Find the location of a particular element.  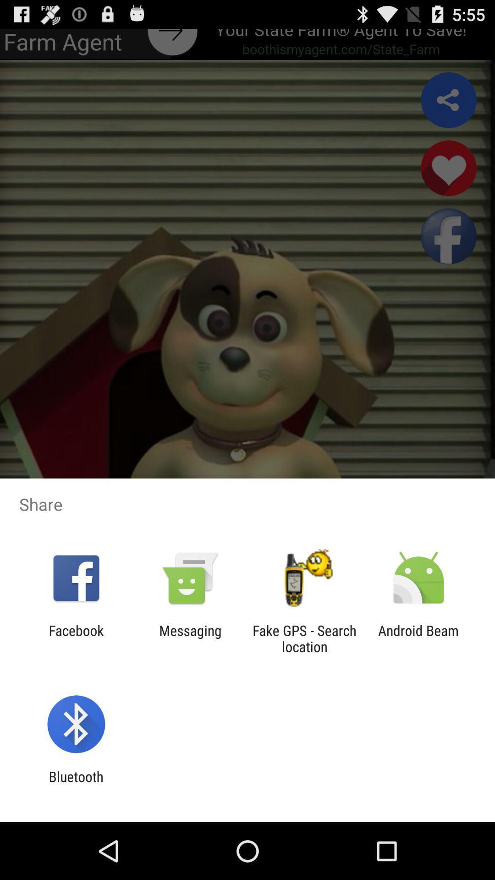

fake gps search is located at coordinates (304, 638).